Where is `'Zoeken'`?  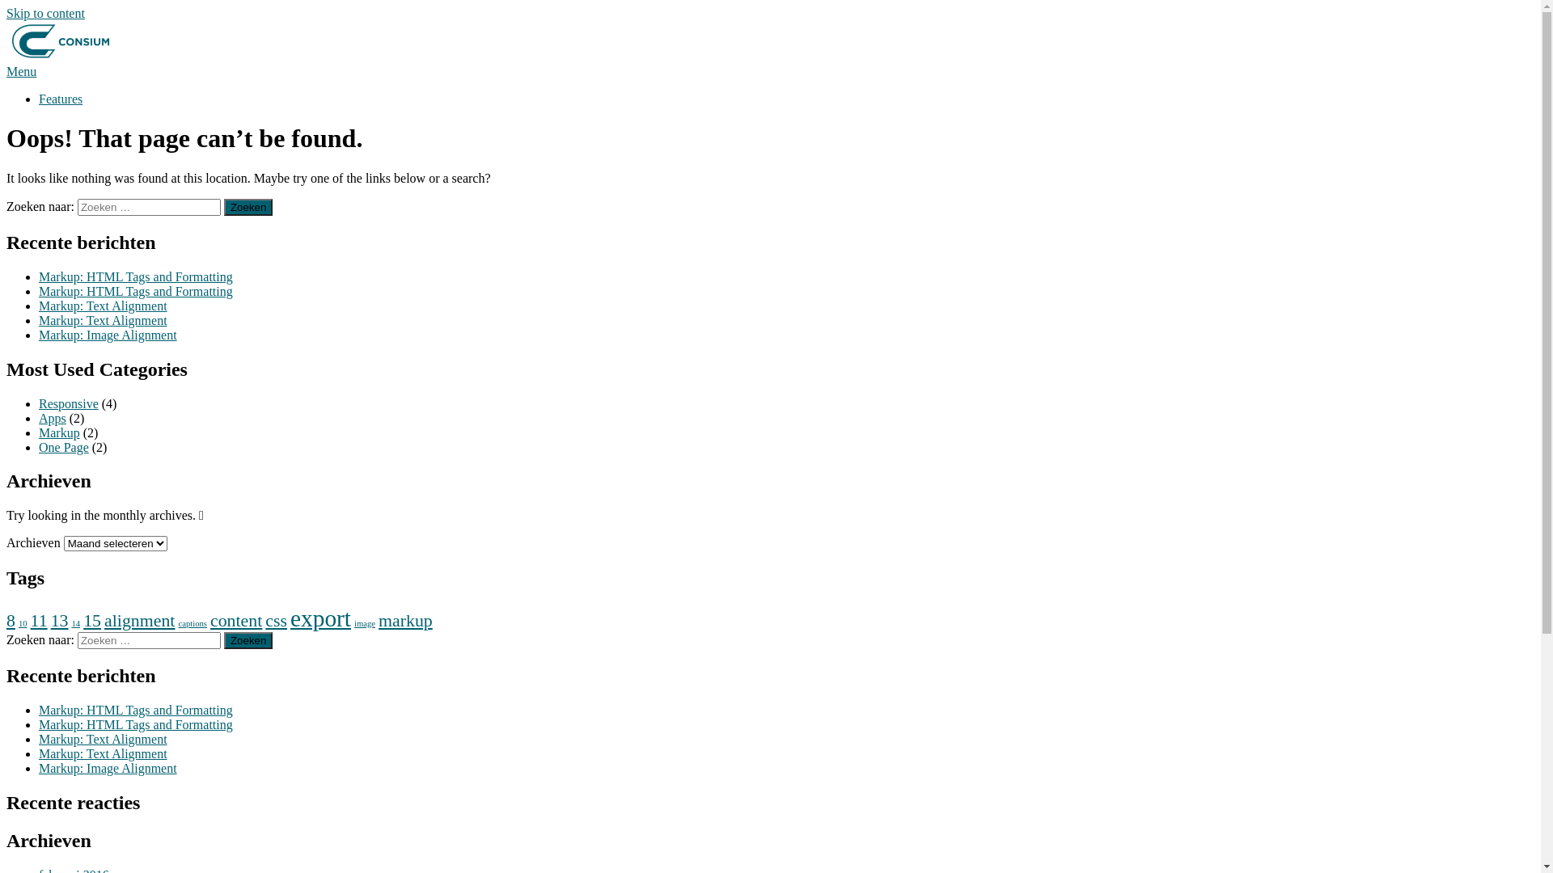
'Zoeken' is located at coordinates (223, 639).